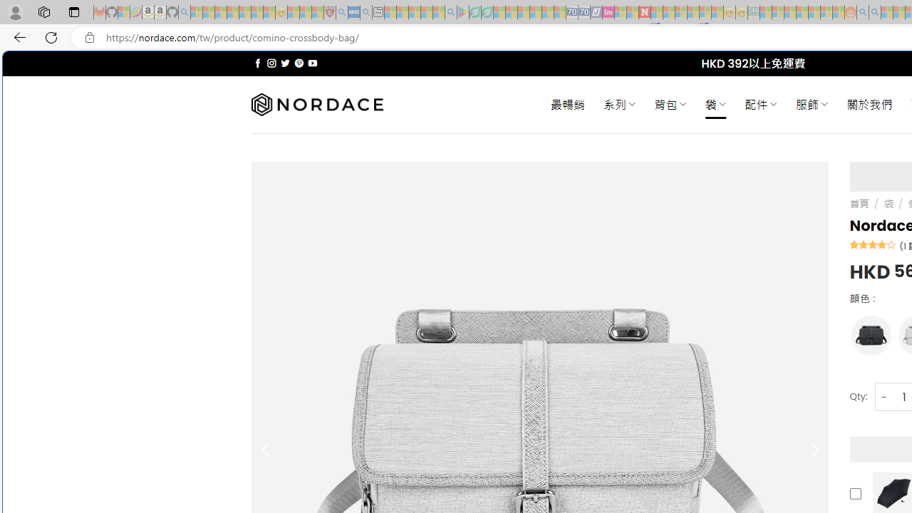 The width and height of the screenshot is (912, 513). What do you see at coordinates (883, 397) in the screenshot?
I see `'-'` at bounding box center [883, 397].